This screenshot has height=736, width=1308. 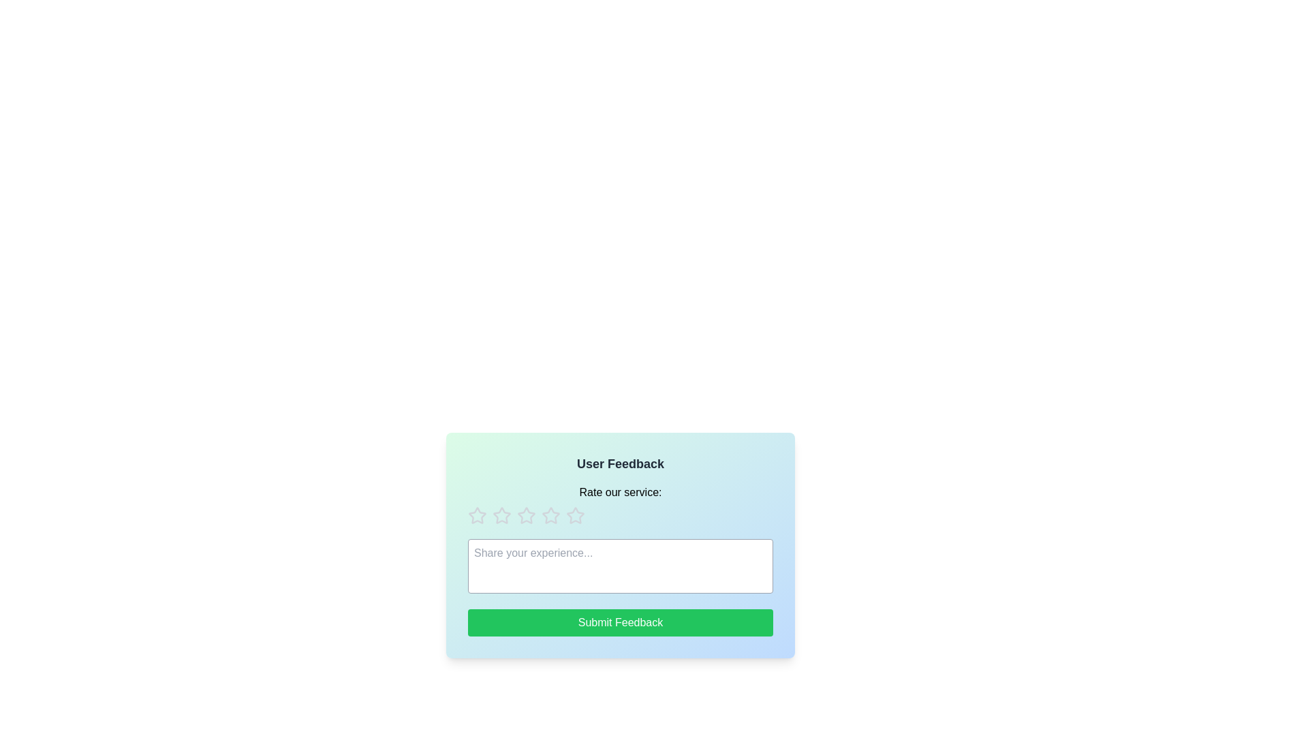 I want to click on the third star in the horizontal row of five rating stars, which is gray by default and turns yellow when hovered, so click(x=501, y=515).